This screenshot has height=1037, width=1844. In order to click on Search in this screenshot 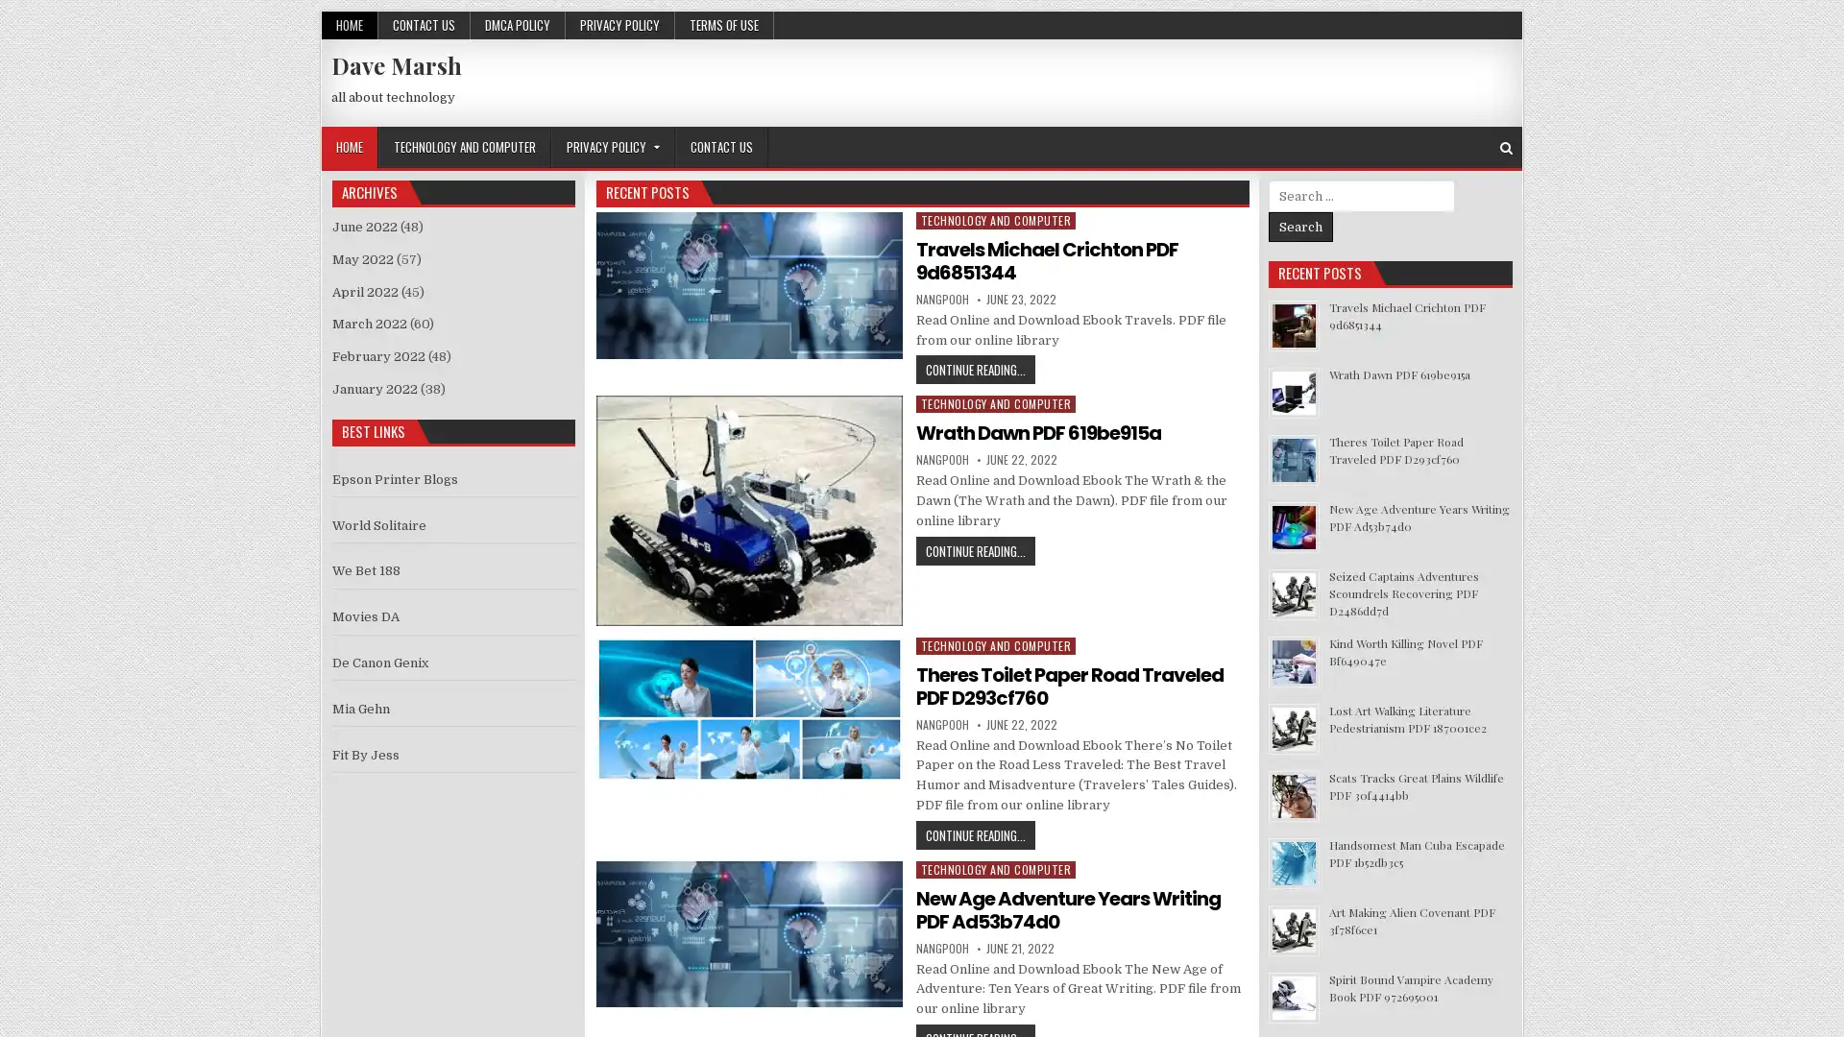, I will do `click(1300, 226)`.